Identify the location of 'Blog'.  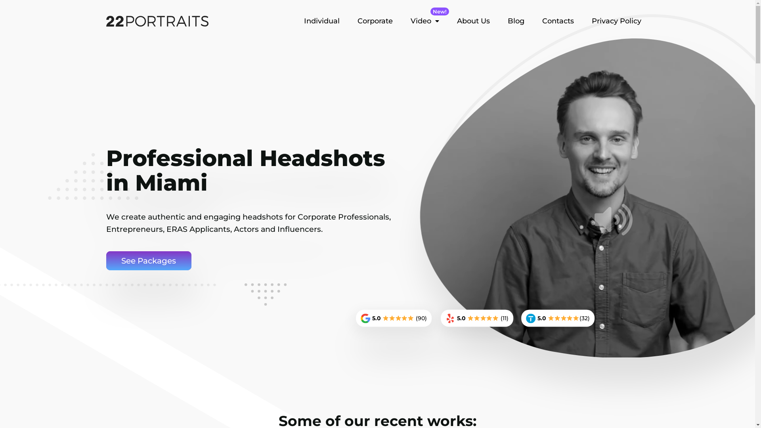
(515, 21).